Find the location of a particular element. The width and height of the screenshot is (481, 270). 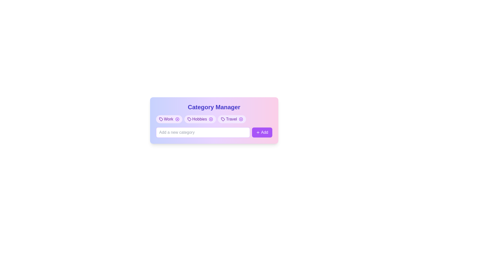

the visual representation of the SVG Circle that serves as a graphical boundary for the 'Hobbies' tag, located at the center-right area of the tag is located at coordinates (211, 119).